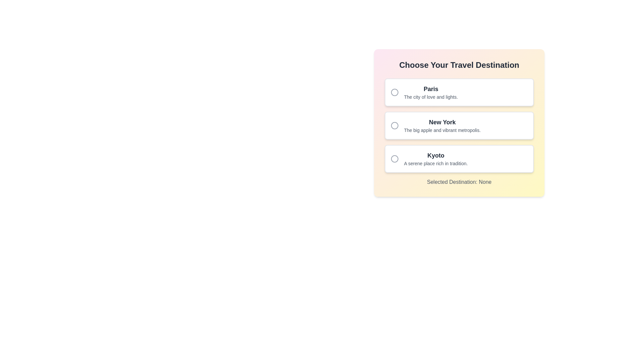  Describe the element at coordinates (459, 182) in the screenshot. I see `the Text Label that displays the currently selected destination, initially showing 'None', located below the destination selection choices` at that location.